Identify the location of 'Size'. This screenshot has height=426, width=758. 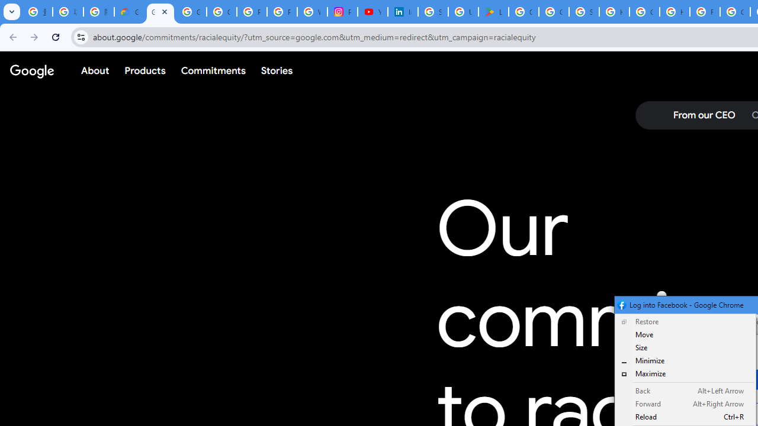
(685, 347).